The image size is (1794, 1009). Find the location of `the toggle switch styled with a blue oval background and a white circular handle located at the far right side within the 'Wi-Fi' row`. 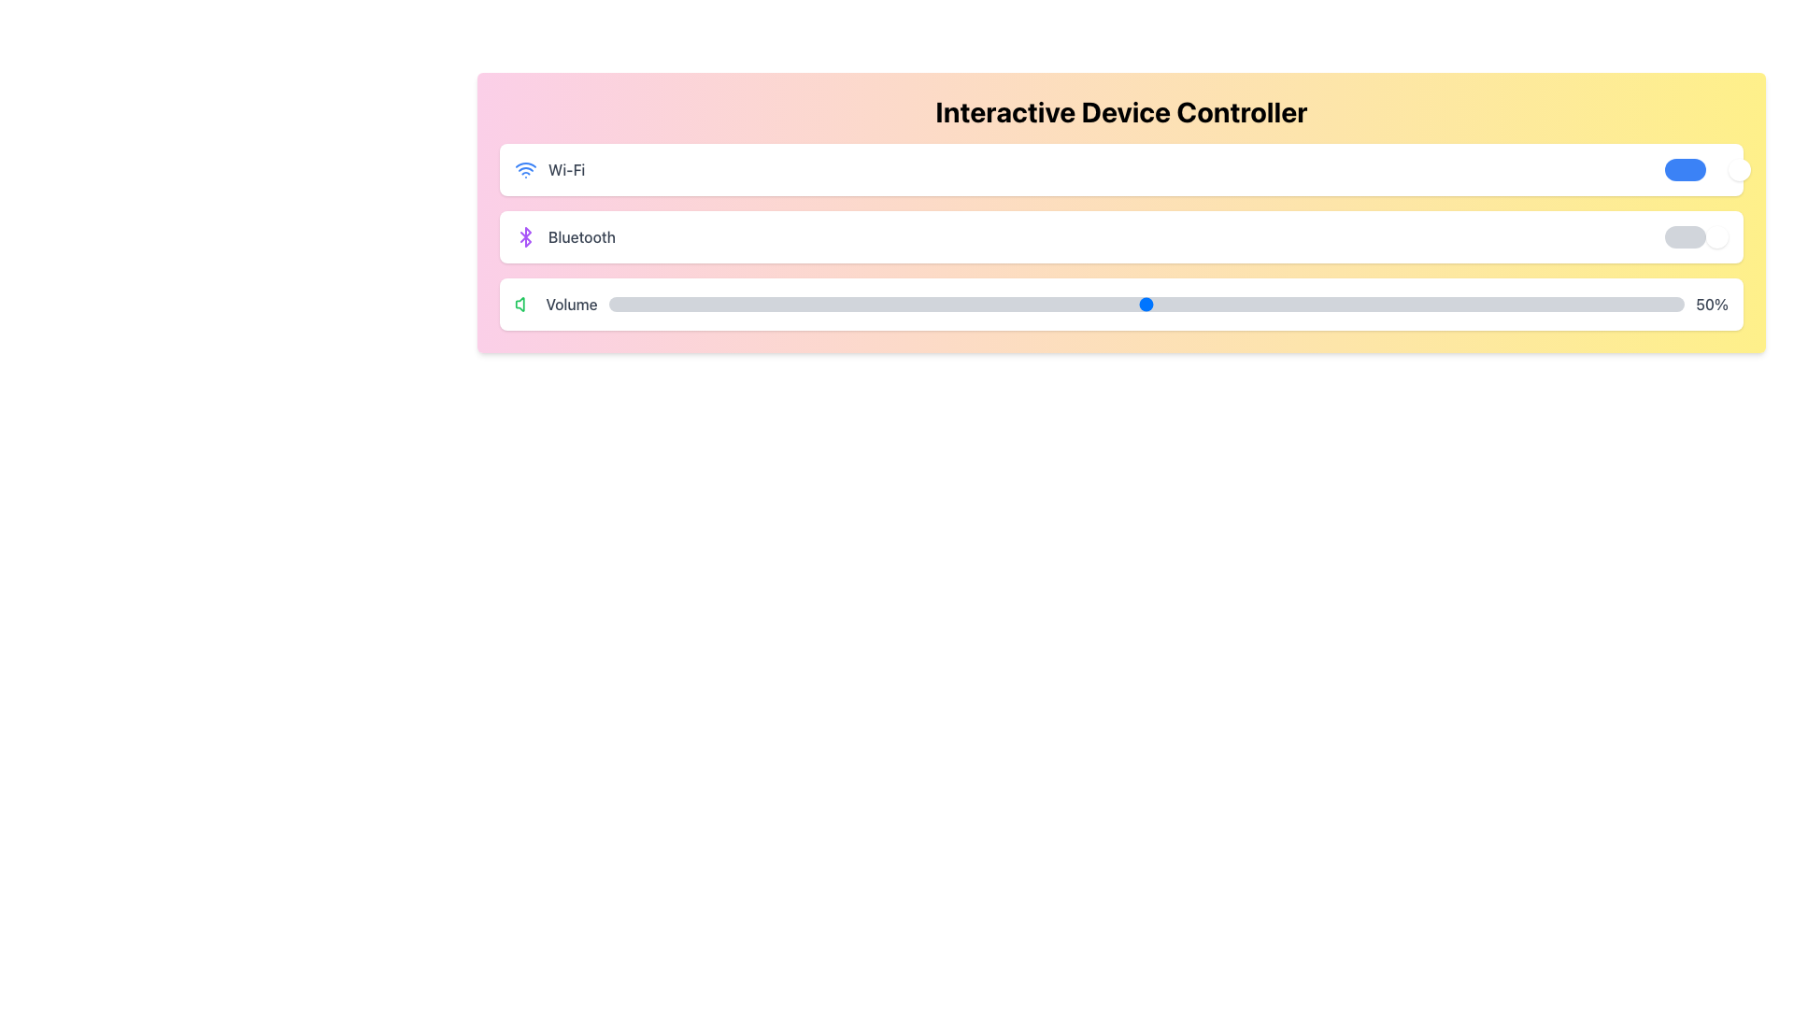

the toggle switch styled with a blue oval background and a white circular handle located at the far right side within the 'Wi-Fi' row is located at coordinates (1696, 169).